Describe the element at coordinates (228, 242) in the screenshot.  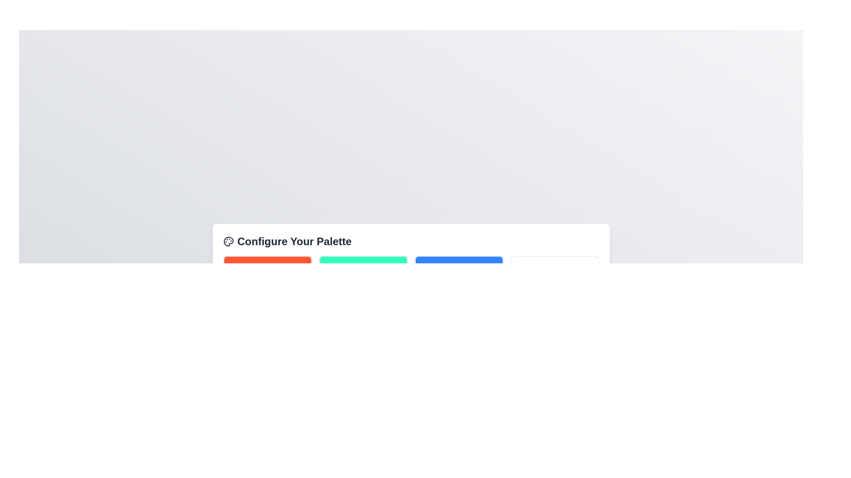
I see `the painter's palette icon located to the left of the text 'Configure Your Palette', which features a modern outline design in navy or gray color` at that location.